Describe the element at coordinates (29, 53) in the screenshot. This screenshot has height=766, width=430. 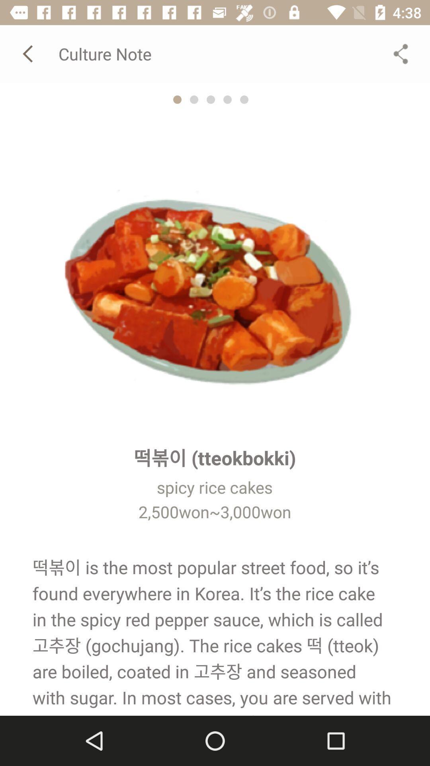
I see `the arrow_backward icon` at that location.